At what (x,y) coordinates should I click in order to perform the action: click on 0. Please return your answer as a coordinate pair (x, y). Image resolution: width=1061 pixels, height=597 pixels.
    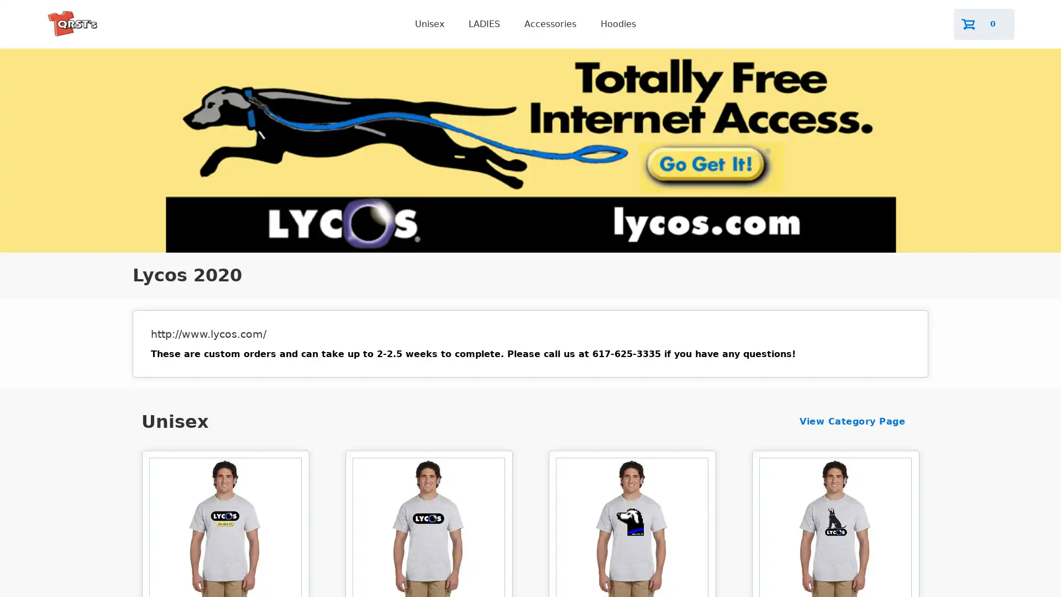
    Looking at the image, I should click on (984, 23).